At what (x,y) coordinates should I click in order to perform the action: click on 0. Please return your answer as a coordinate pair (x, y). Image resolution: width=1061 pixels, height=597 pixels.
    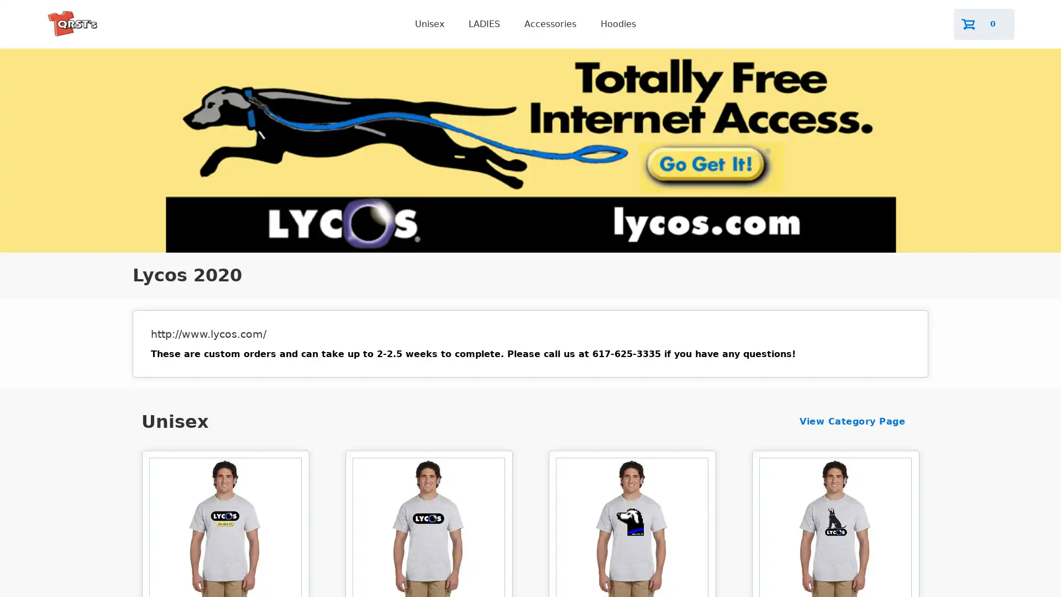
    Looking at the image, I should click on (984, 23).